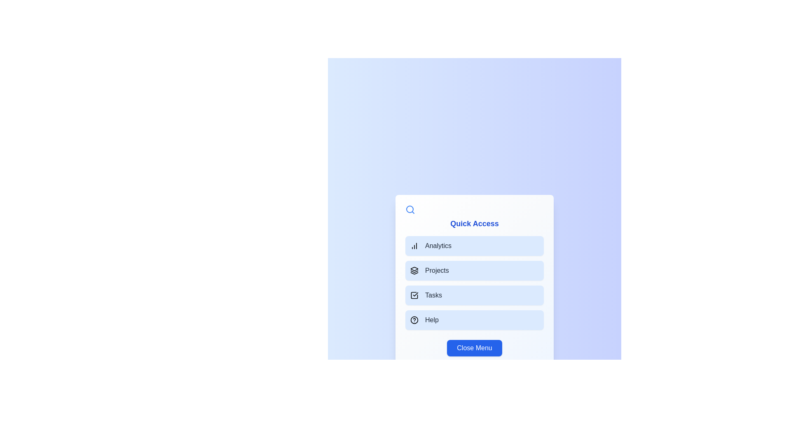 This screenshot has width=791, height=445. Describe the element at coordinates (475, 319) in the screenshot. I see `the menu option Help to navigate to its respective section` at that location.